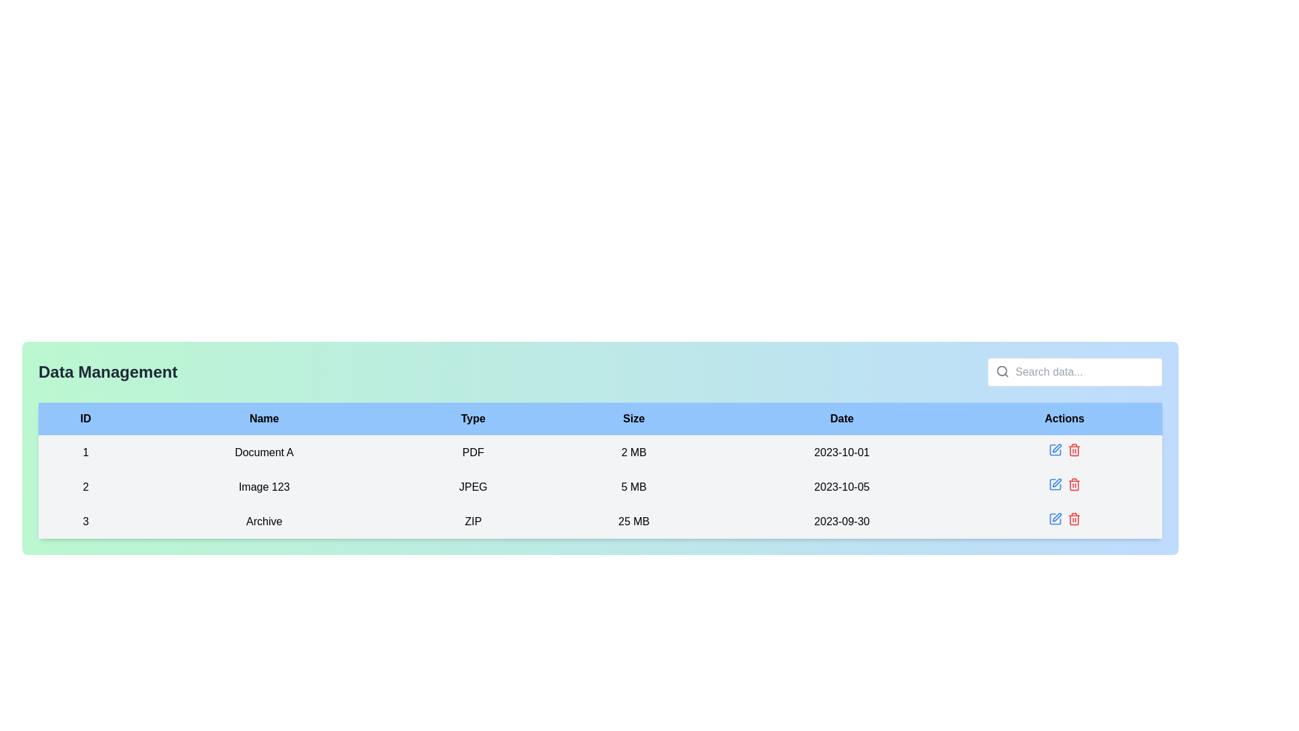 The width and height of the screenshot is (1299, 731). Describe the element at coordinates (1073, 449) in the screenshot. I see `the Delete button with an icon located in the 'Actions' column of the second row in the data table to initiate the deletion process` at that location.